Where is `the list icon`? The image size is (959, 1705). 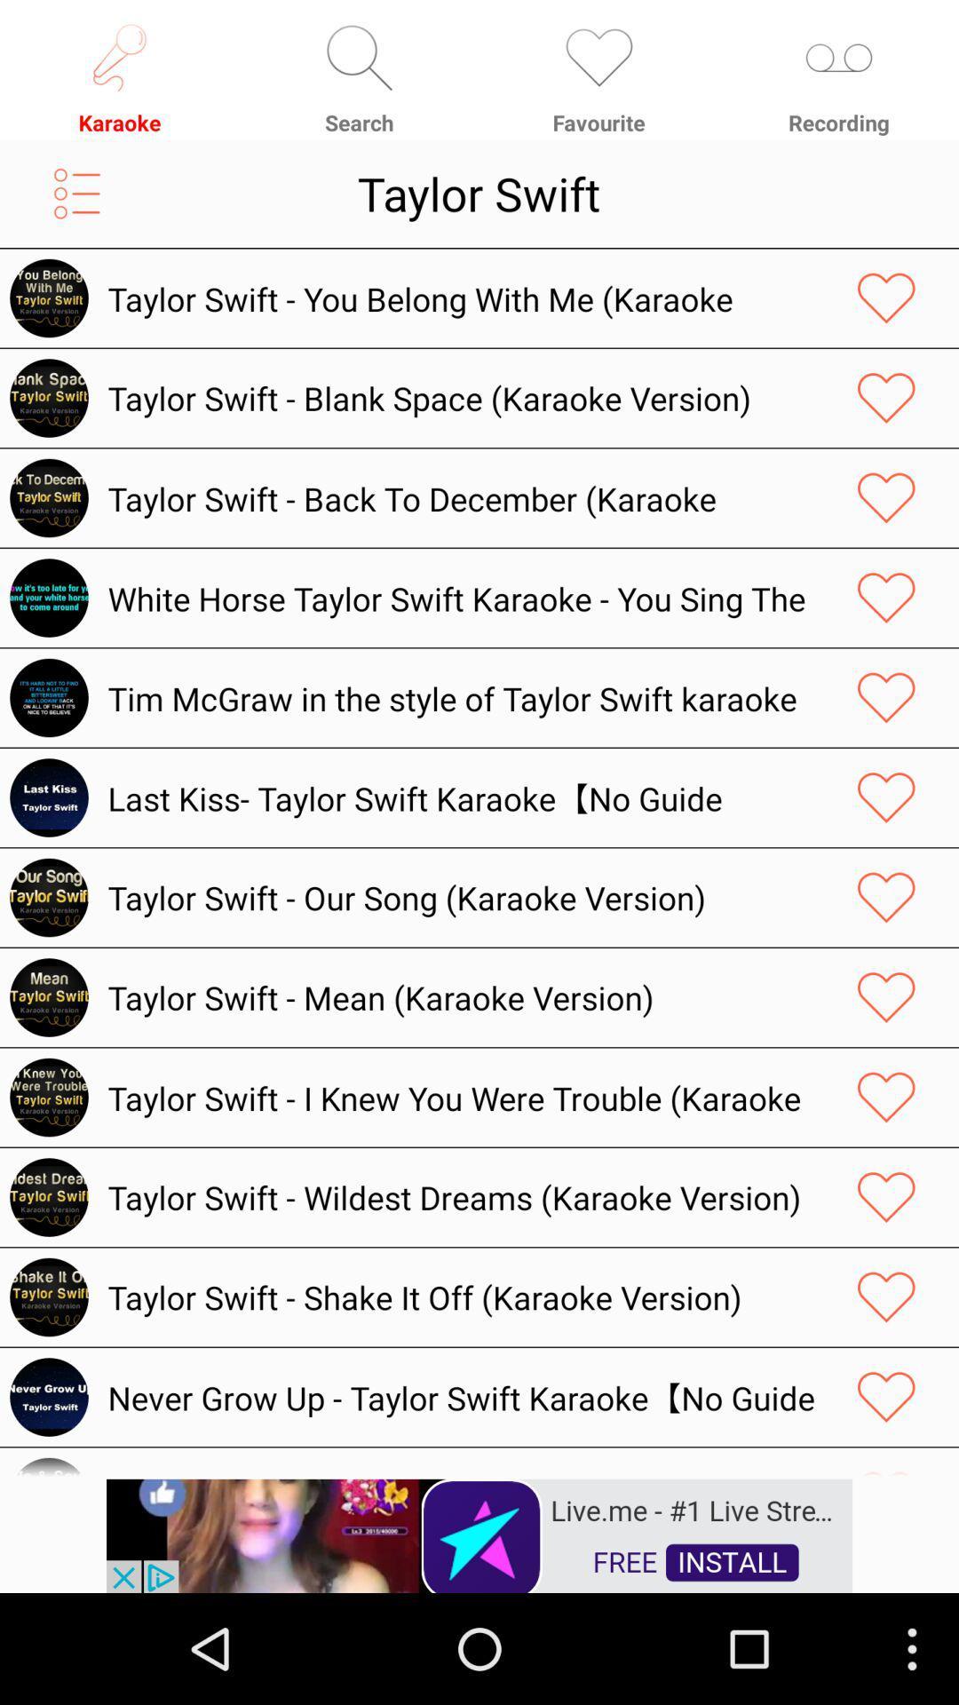
the list icon is located at coordinates (76, 207).